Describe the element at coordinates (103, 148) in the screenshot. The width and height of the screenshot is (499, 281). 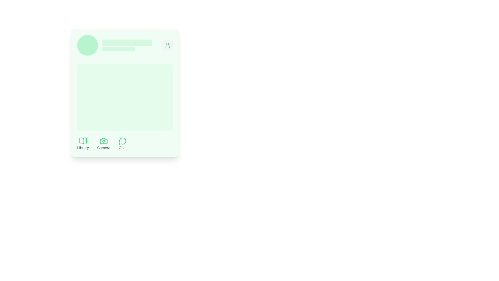
I see `the 'Camera' text label located in the bottom navigation section, which provides context for the camera functionality represented by the icon above it` at that location.